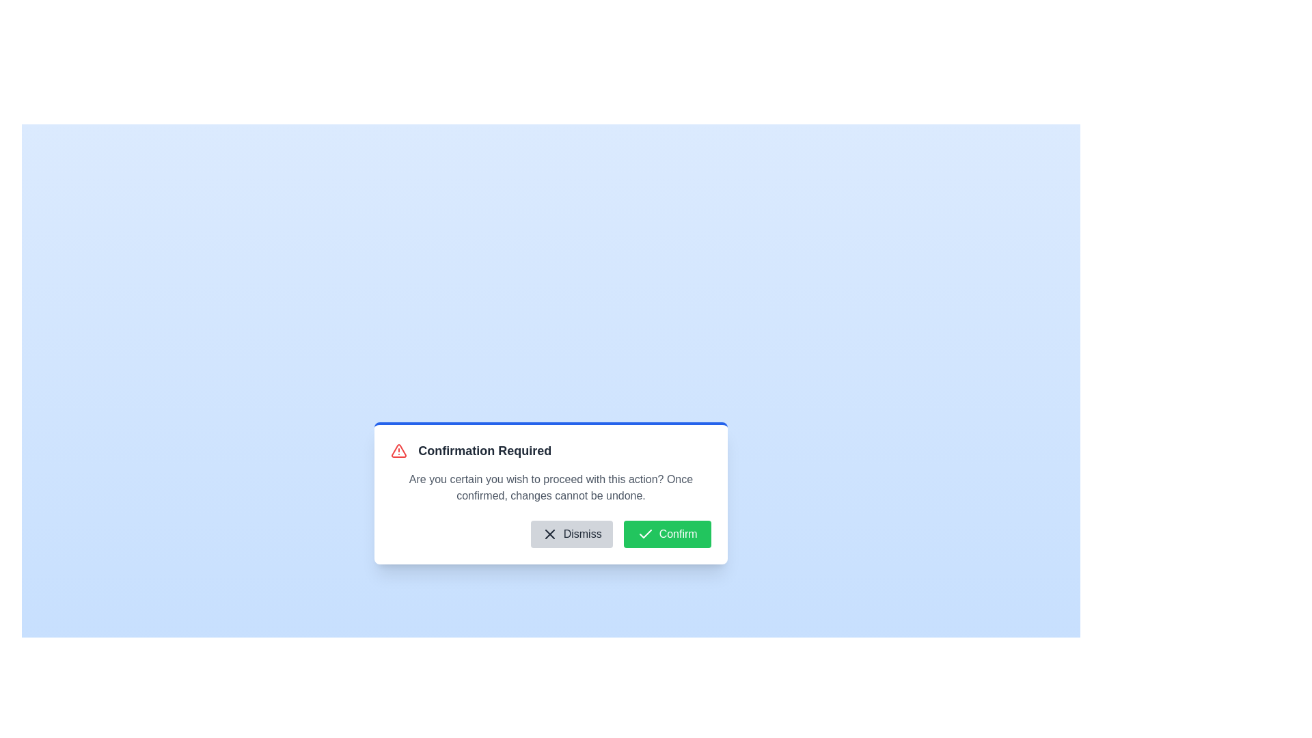  I want to click on the 'X' icon within the SVG element that visually indicates the action of dismissal, located on the left side of the 'Dismiss' button at the bottom left of the modal dialog box, so click(549, 534).